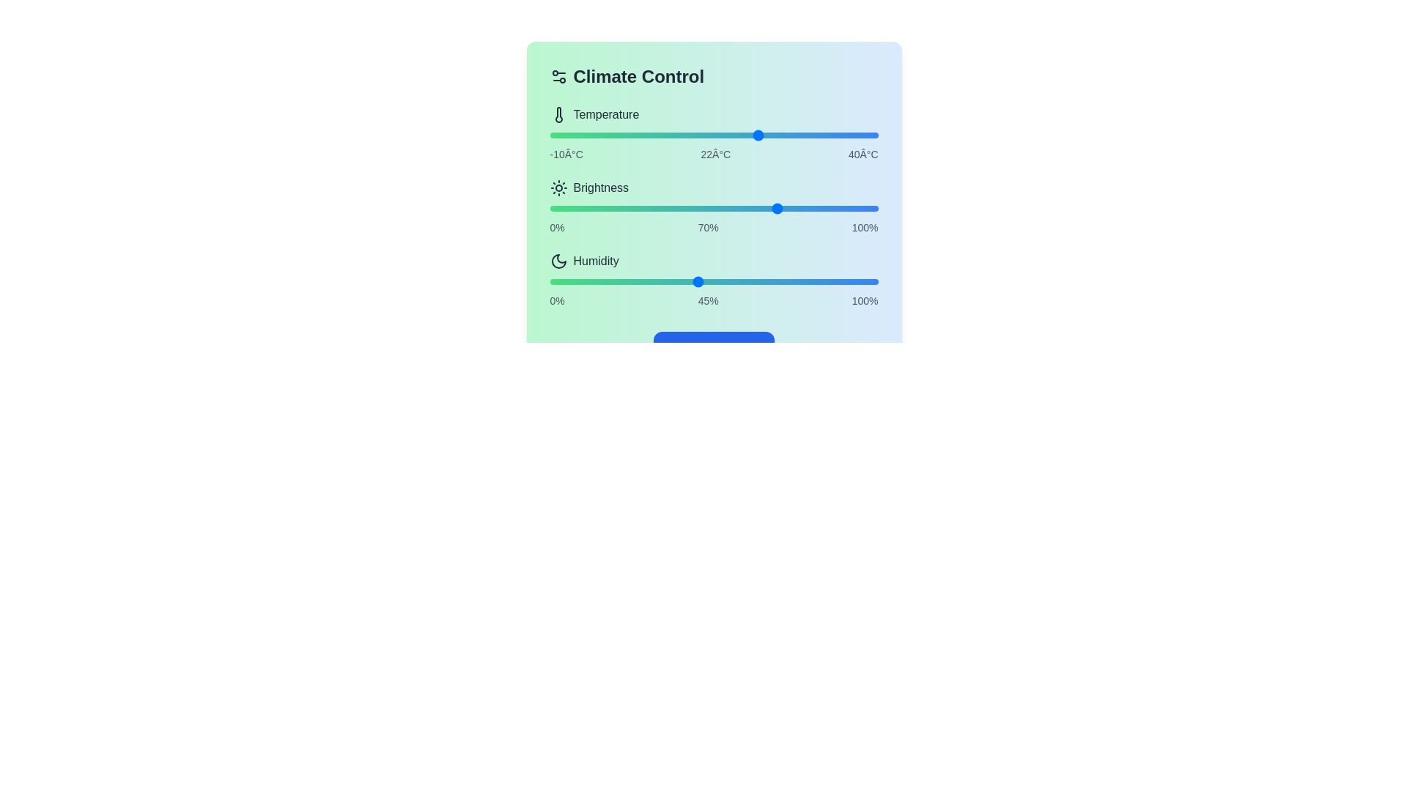 The width and height of the screenshot is (1407, 791). What do you see at coordinates (818, 209) in the screenshot?
I see `the brightness` at bounding box center [818, 209].